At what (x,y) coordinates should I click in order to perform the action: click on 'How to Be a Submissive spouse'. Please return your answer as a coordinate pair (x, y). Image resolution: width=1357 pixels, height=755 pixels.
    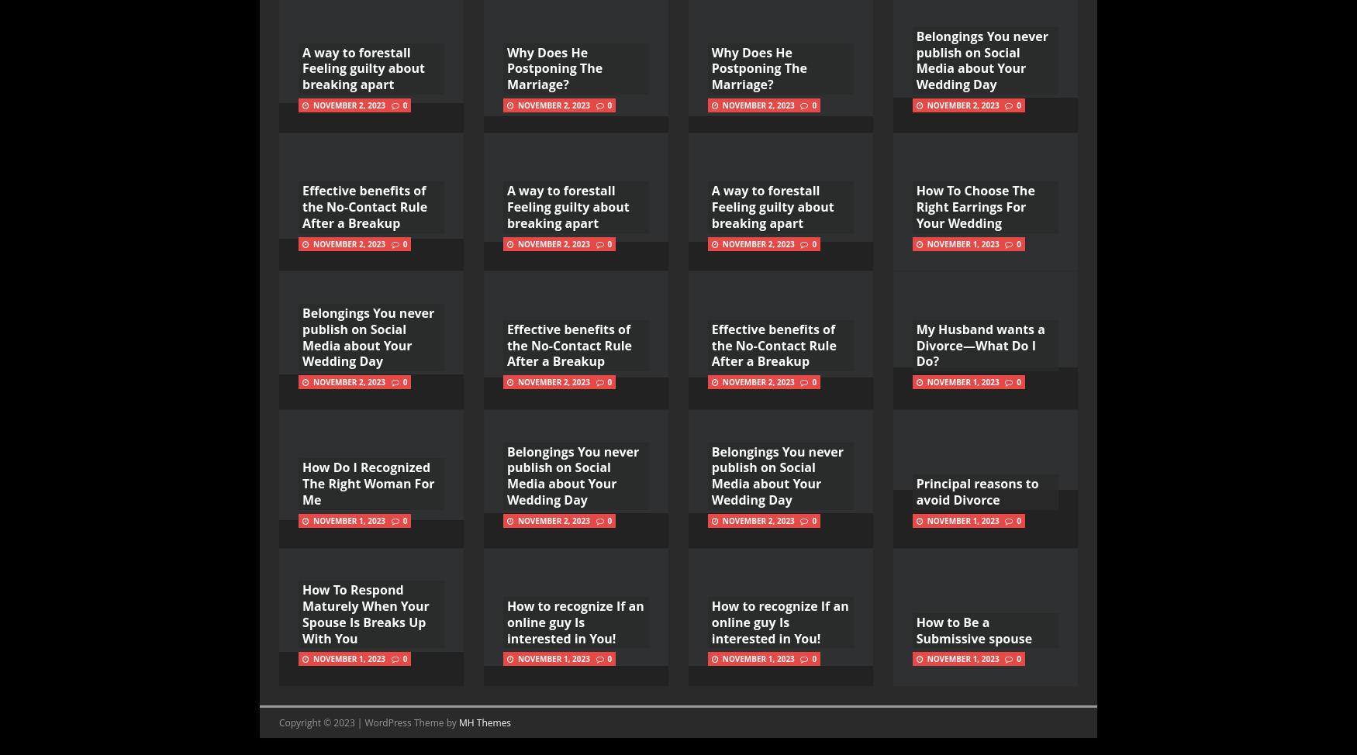
    Looking at the image, I should click on (915, 630).